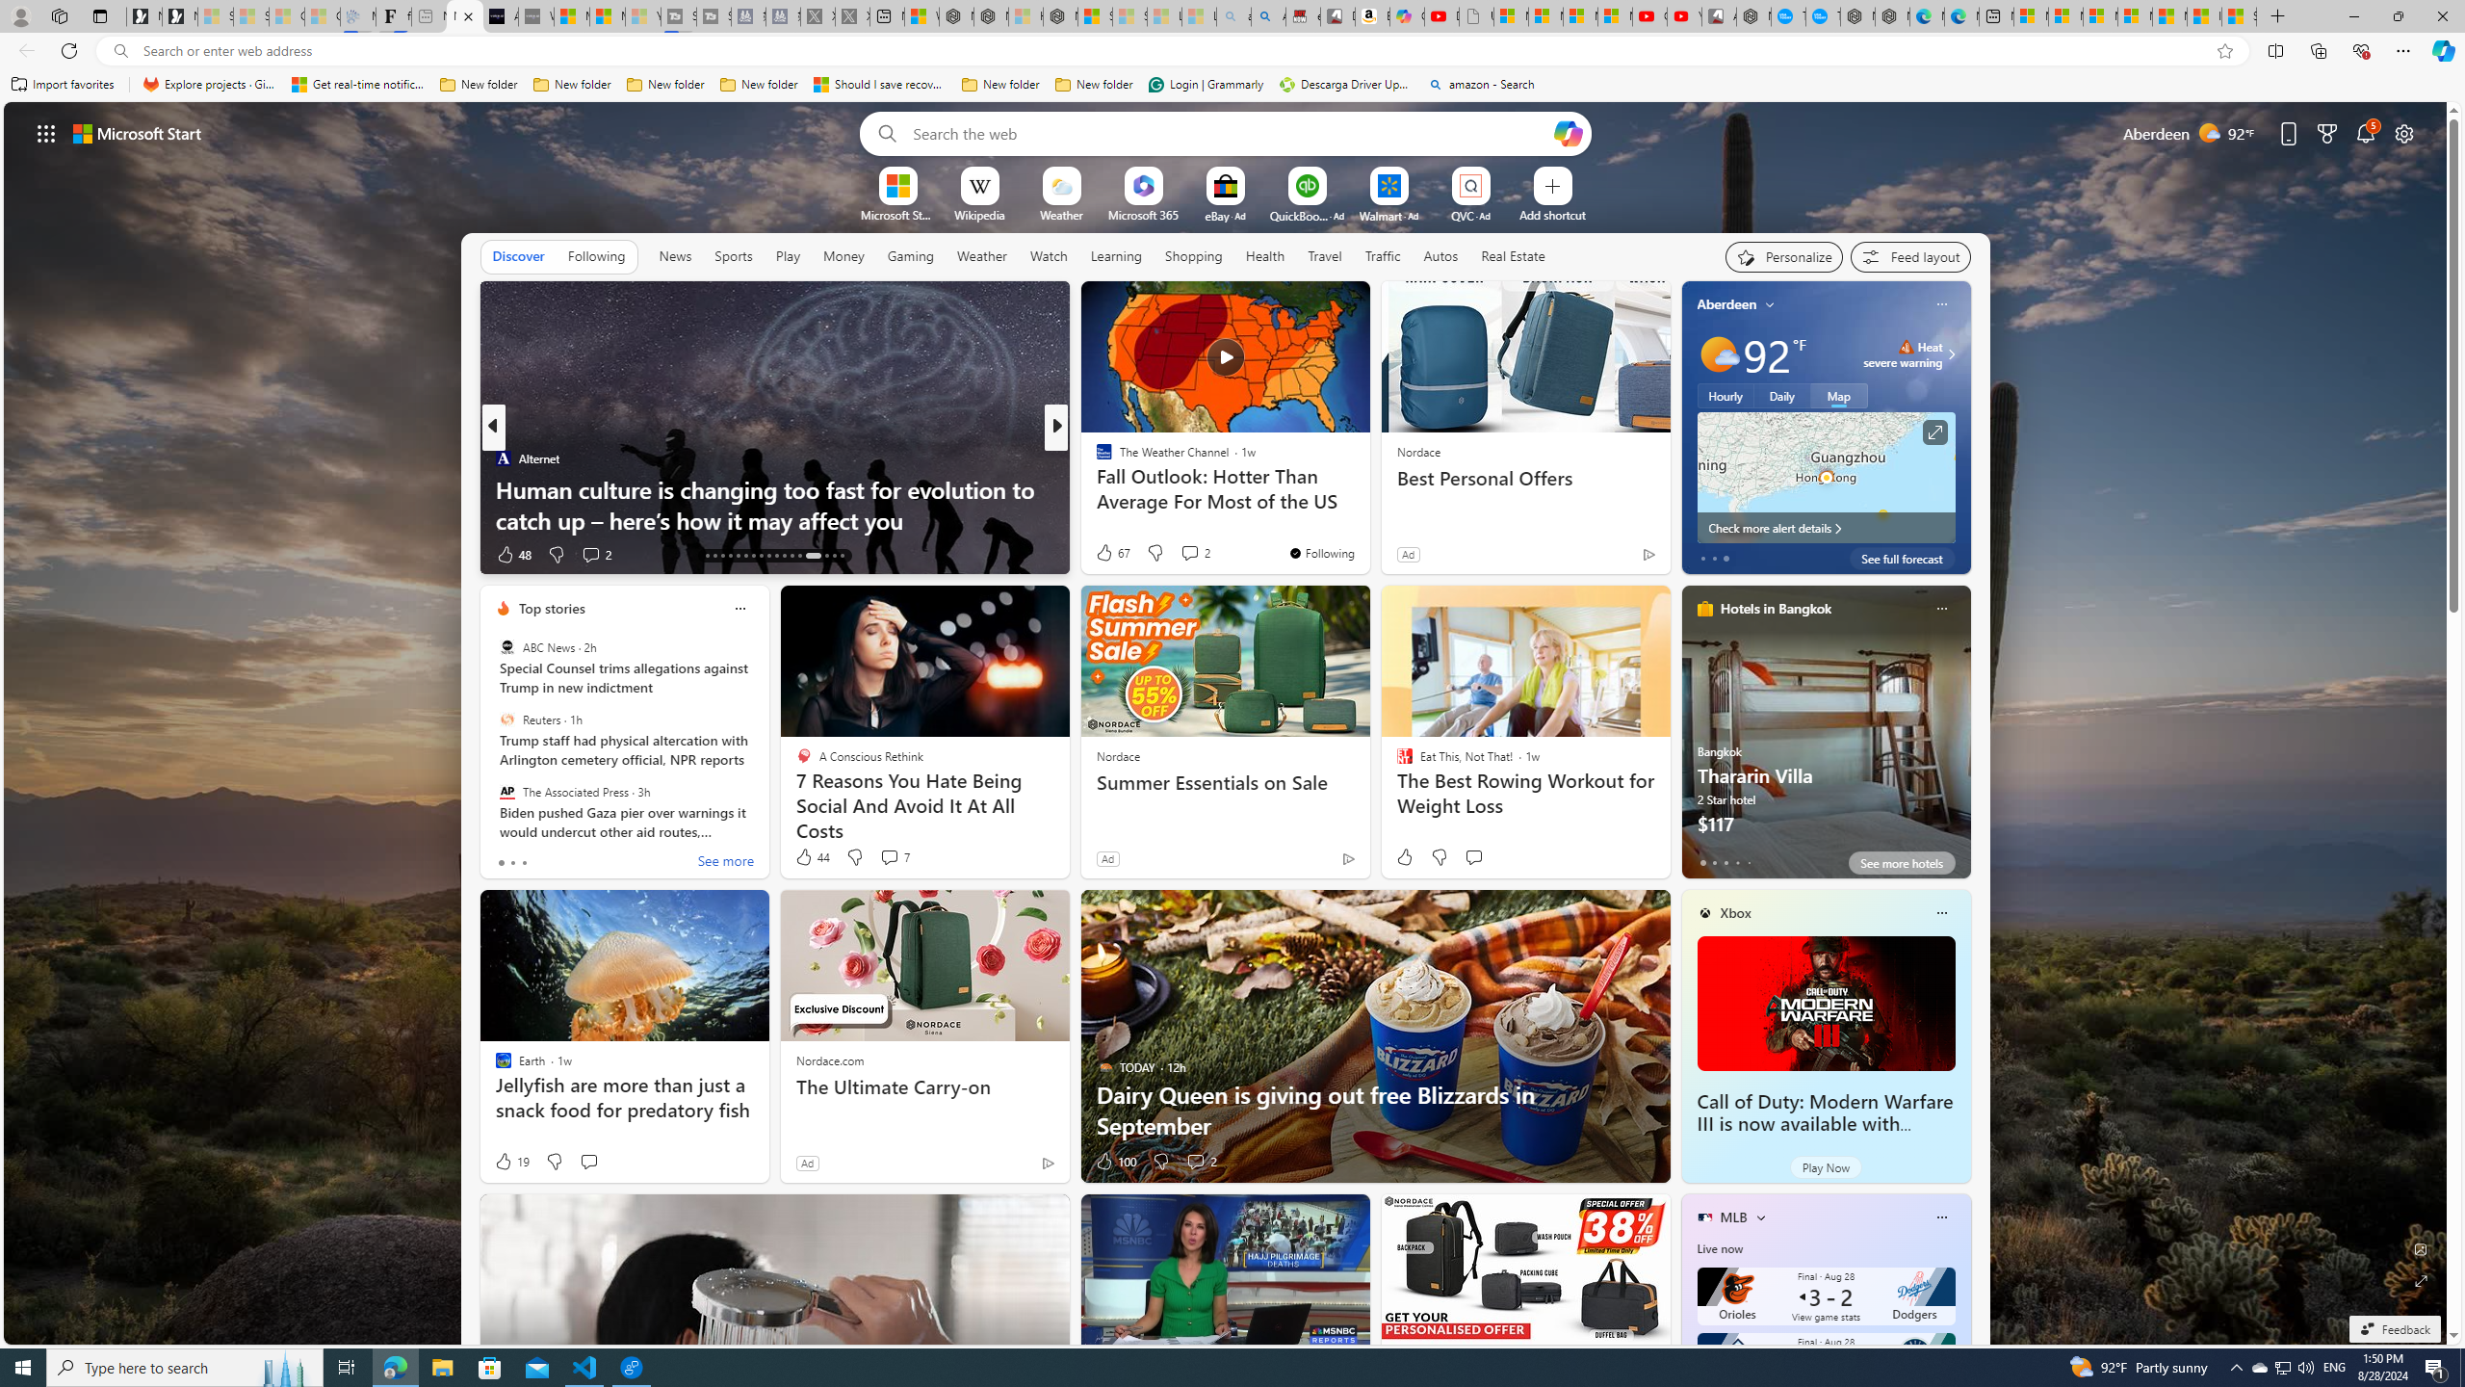 The height and width of the screenshot is (1387, 2465). Describe the element at coordinates (1193, 255) in the screenshot. I see `'Shopping'` at that location.